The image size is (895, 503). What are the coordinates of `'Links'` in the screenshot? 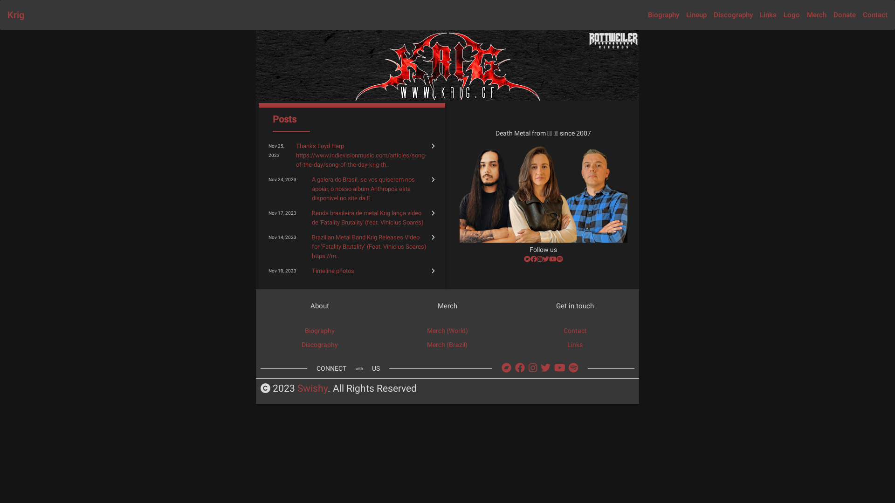 It's located at (567, 345).